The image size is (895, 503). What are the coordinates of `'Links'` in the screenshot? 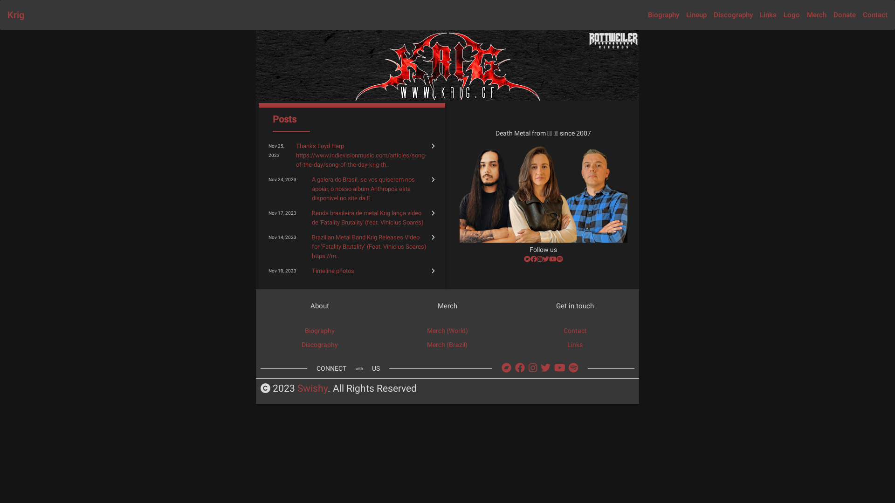 It's located at (567, 345).